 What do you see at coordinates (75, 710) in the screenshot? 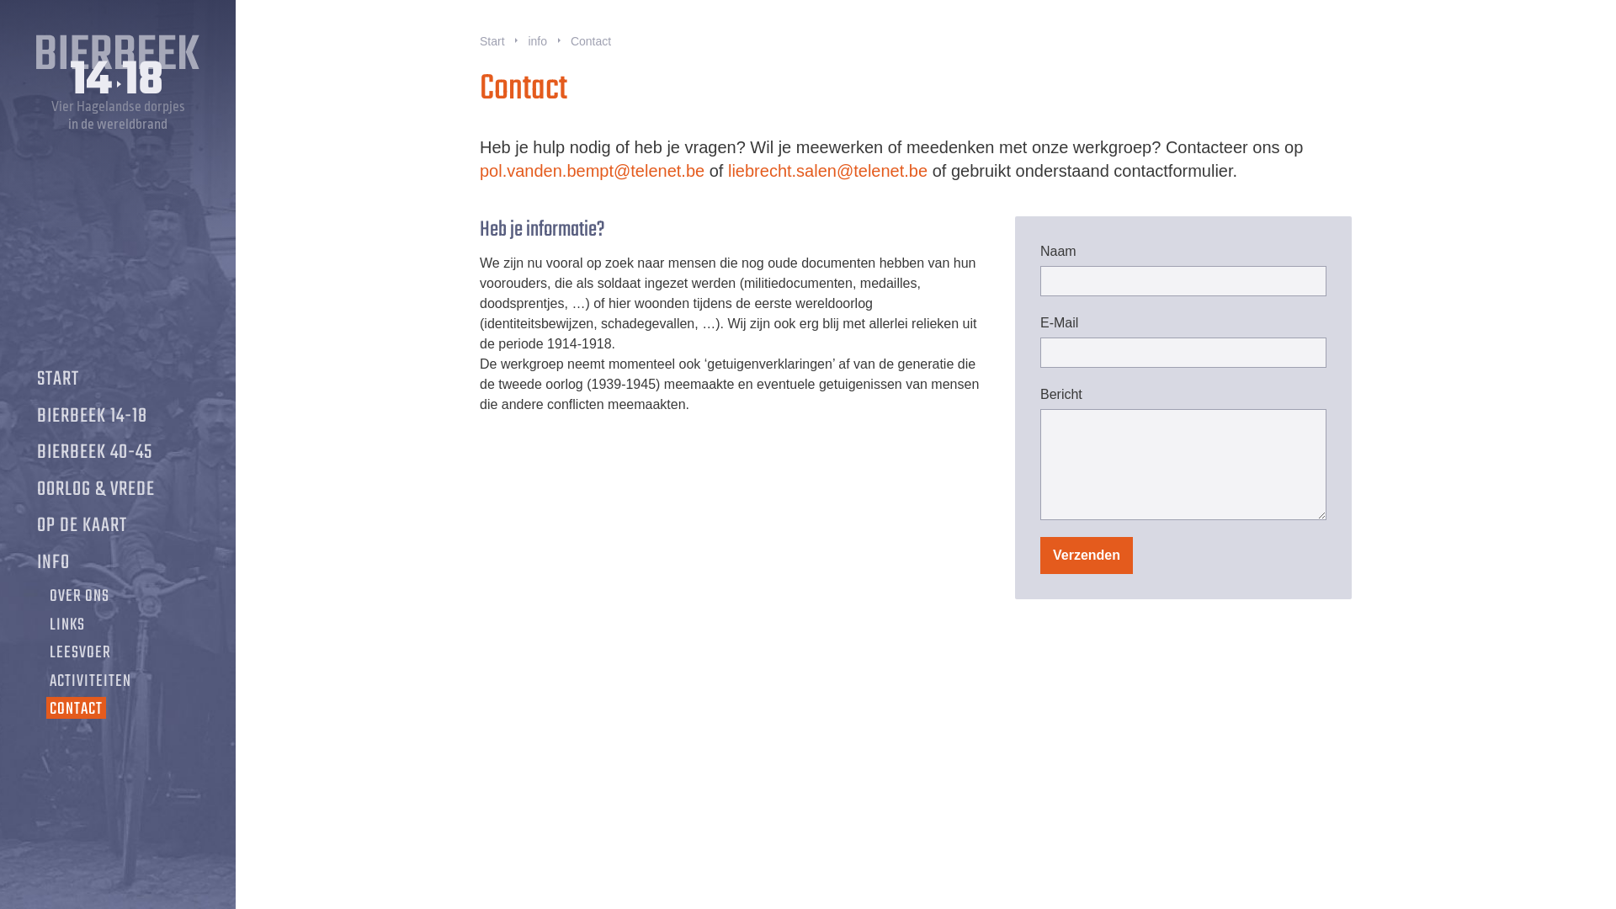
I see `'CONTACT'` at bounding box center [75, 710].